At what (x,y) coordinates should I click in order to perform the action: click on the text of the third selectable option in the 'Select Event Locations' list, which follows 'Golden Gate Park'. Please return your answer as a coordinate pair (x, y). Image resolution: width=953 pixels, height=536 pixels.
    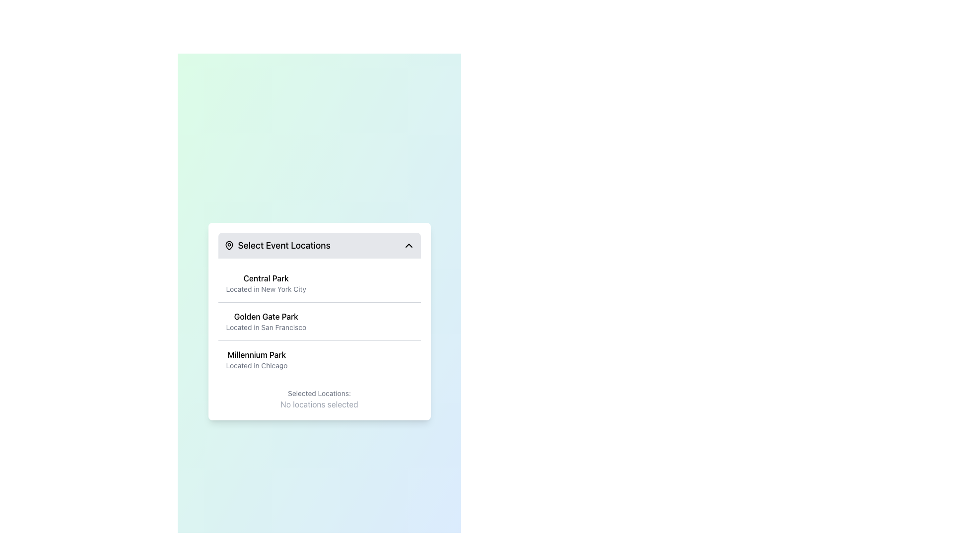
    Looking at the image, I should click on (319, 359).